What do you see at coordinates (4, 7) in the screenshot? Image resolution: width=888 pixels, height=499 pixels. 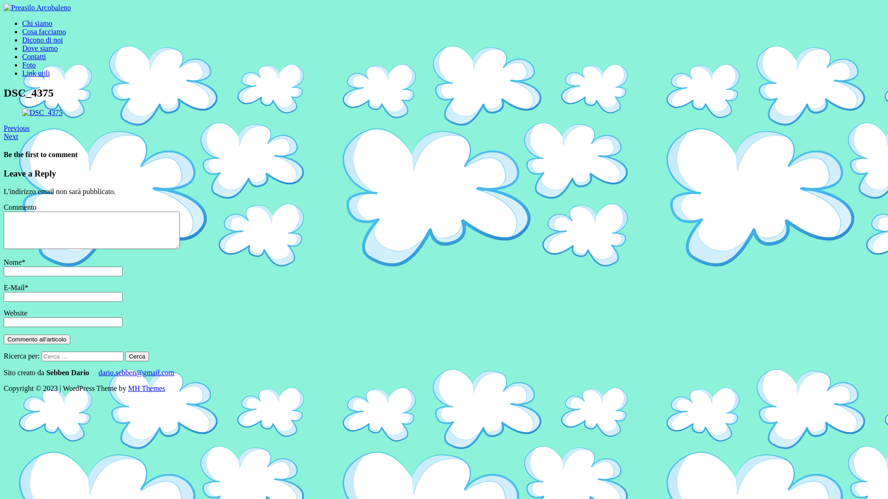 I see `'Preasilo Arcobaleno'` at bounding box center [4, 7].